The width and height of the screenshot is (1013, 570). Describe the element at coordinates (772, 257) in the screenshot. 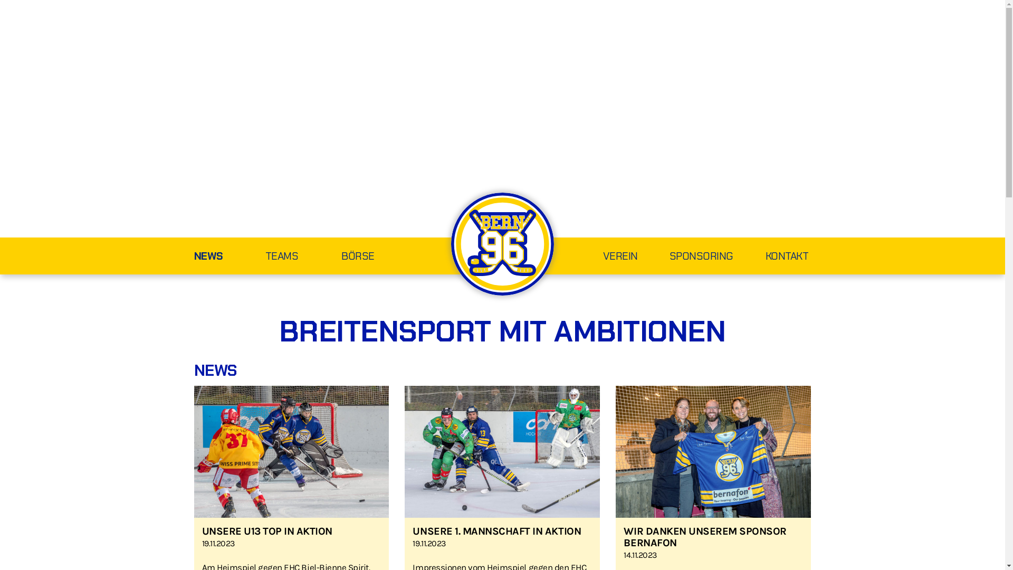

I see `'KONTAKT'` at that location.